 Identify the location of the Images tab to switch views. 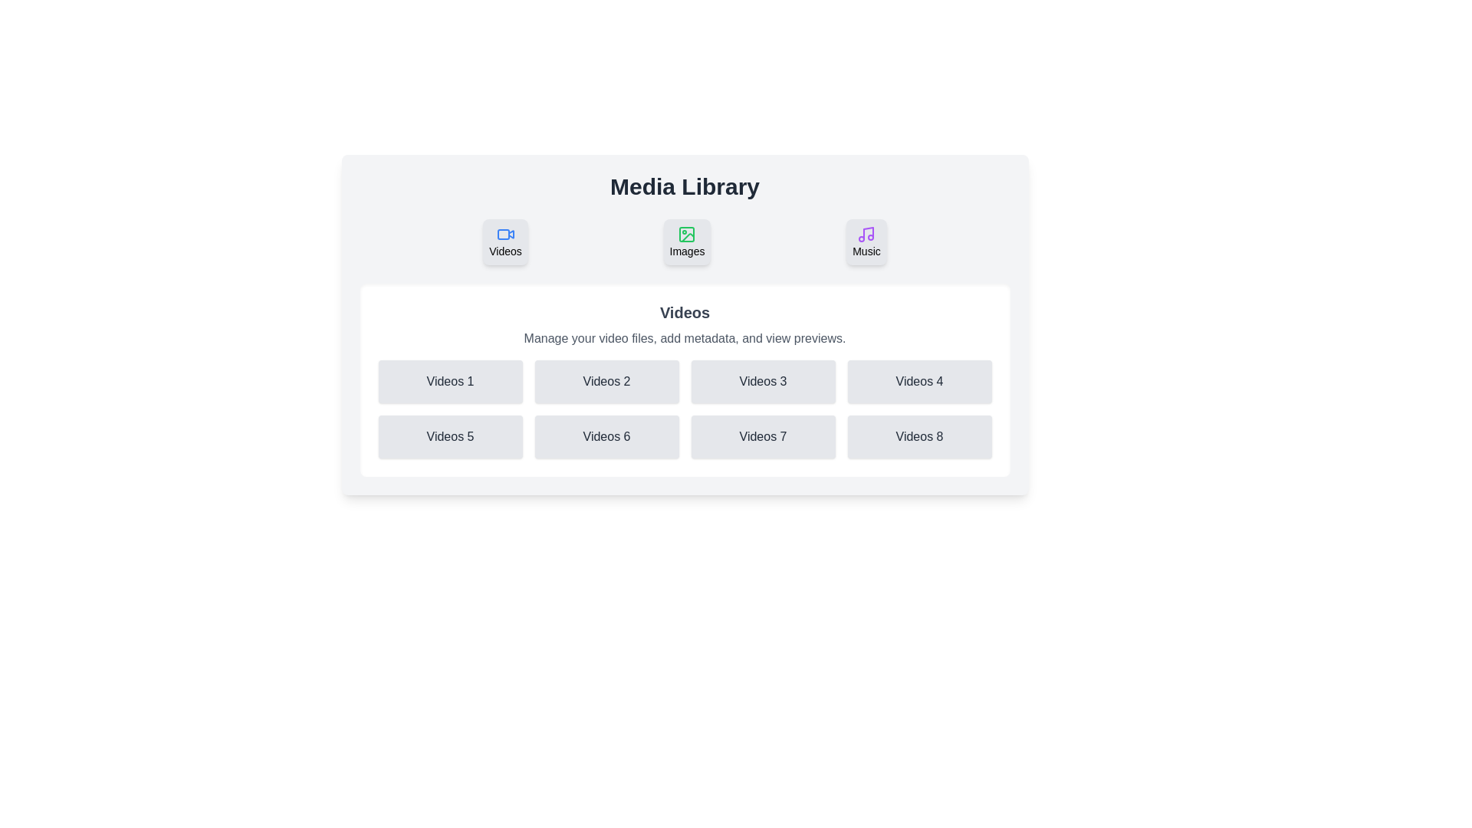
(686, 242).